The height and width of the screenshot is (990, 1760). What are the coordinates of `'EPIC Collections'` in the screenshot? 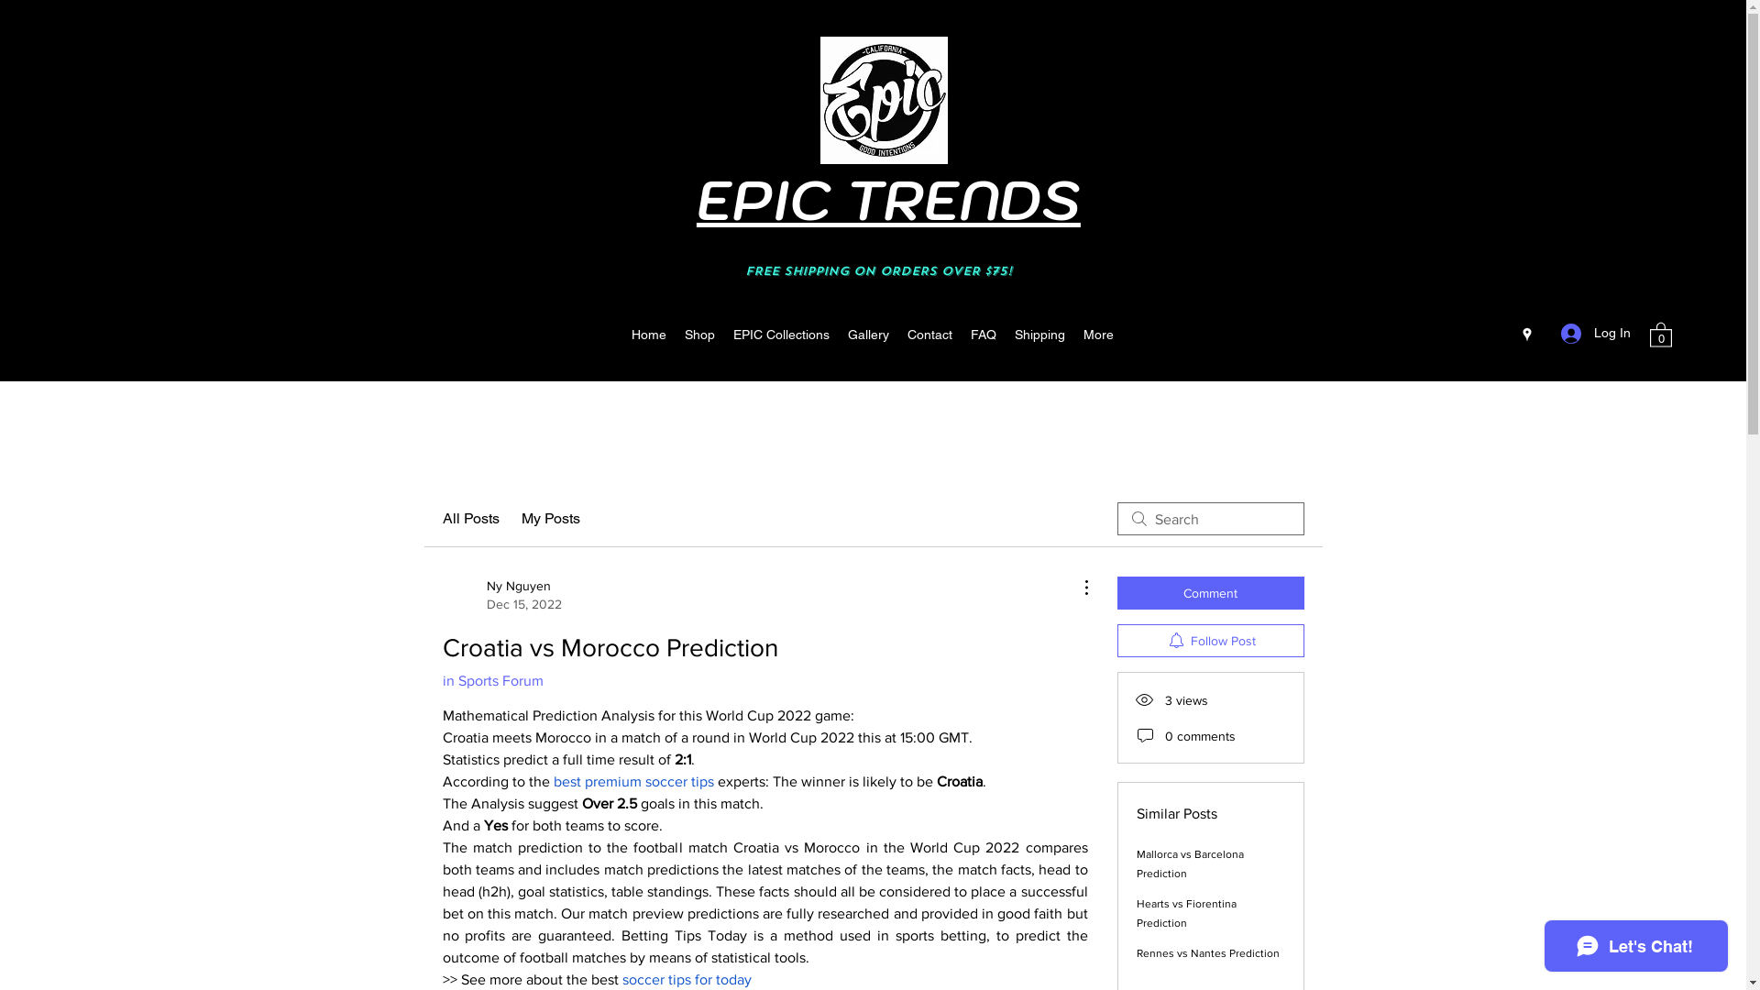 It's located at (781, 335).